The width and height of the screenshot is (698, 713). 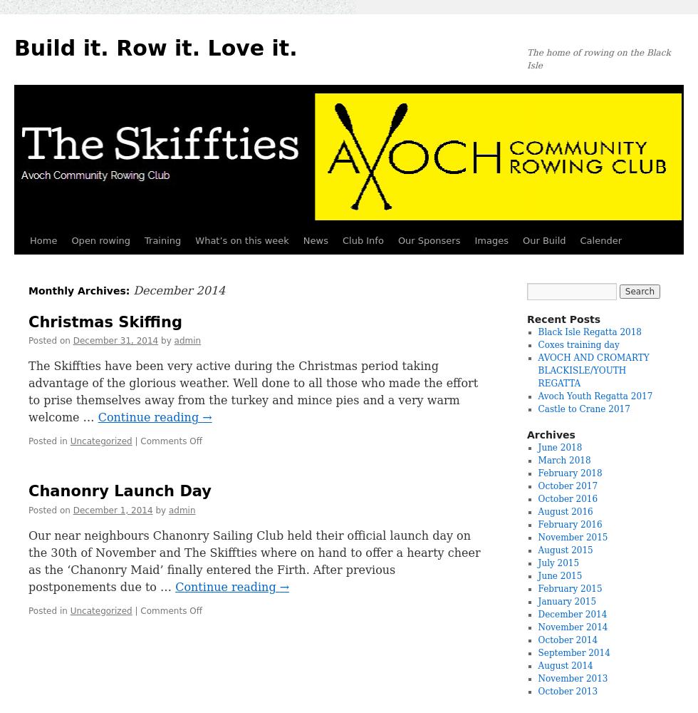 I want to click on 'Black Isle Regatta 2018', so click(x=590, y=332).